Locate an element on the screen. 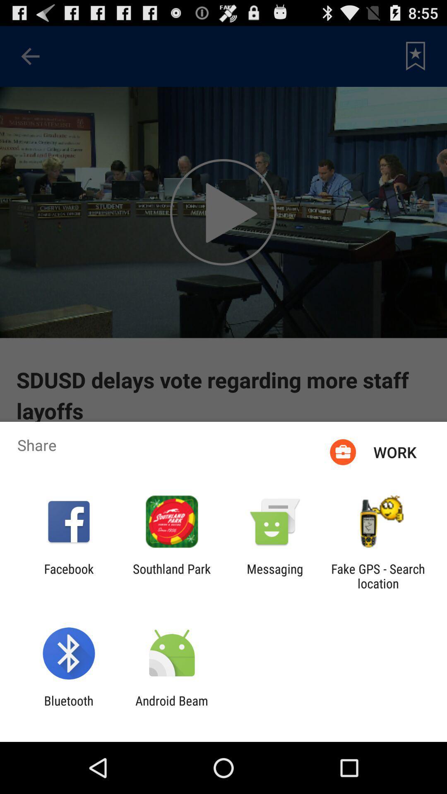 Image resolution: width=447 pixels, height=794 pixels. the bluetooth app is located at coordinates (68, 708).